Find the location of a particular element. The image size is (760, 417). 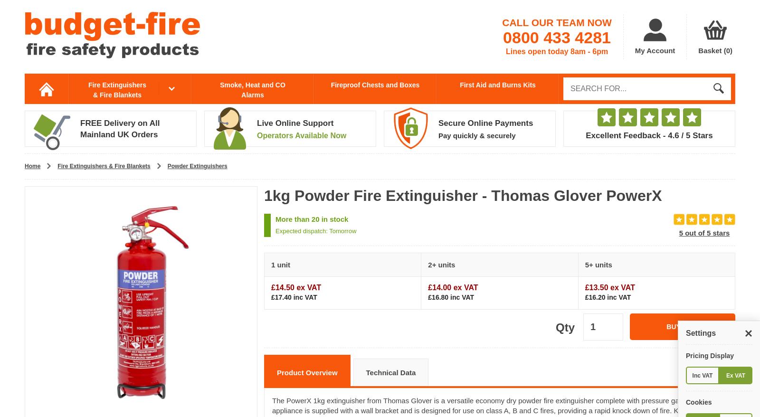

'Extinguisher Maintenance' is located at coordinates (125, 235).